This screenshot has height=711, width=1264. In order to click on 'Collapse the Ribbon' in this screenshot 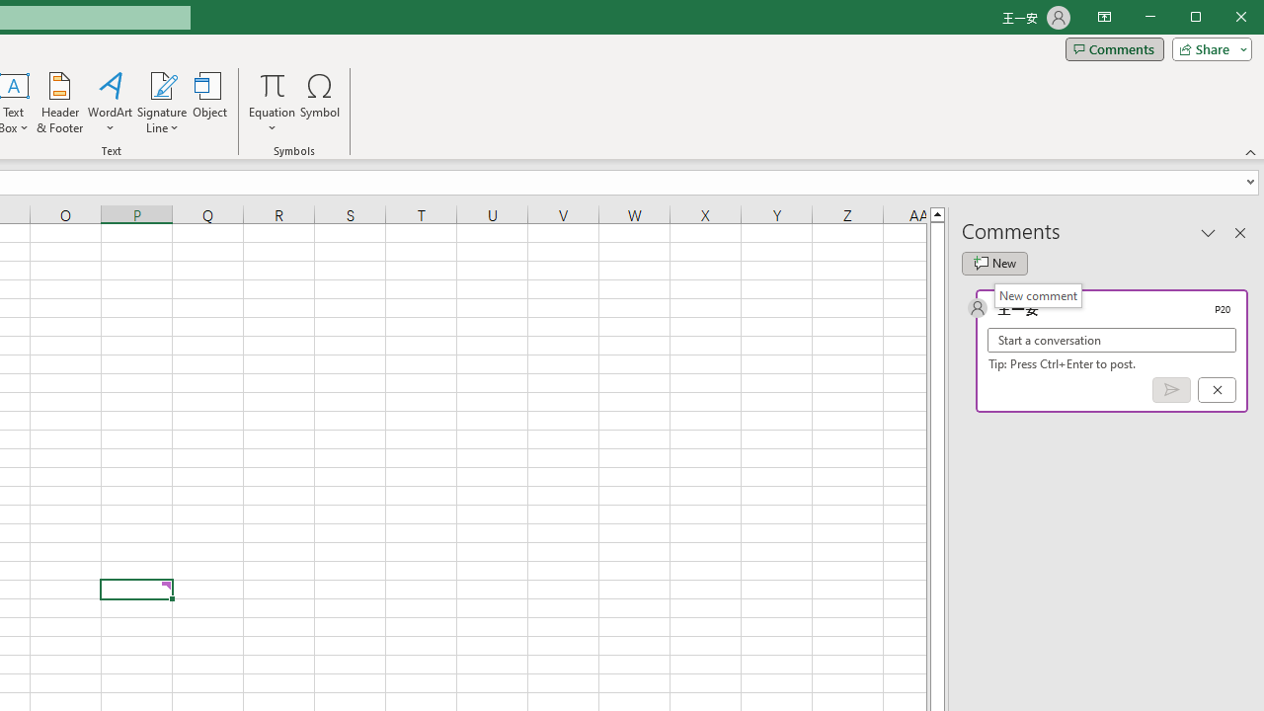, I will do `click(1250, 151)`.